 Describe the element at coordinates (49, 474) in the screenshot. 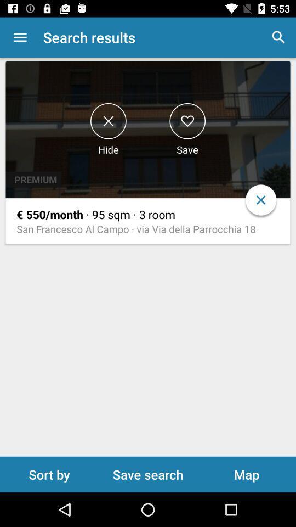

I see `sort by icon` at that location.